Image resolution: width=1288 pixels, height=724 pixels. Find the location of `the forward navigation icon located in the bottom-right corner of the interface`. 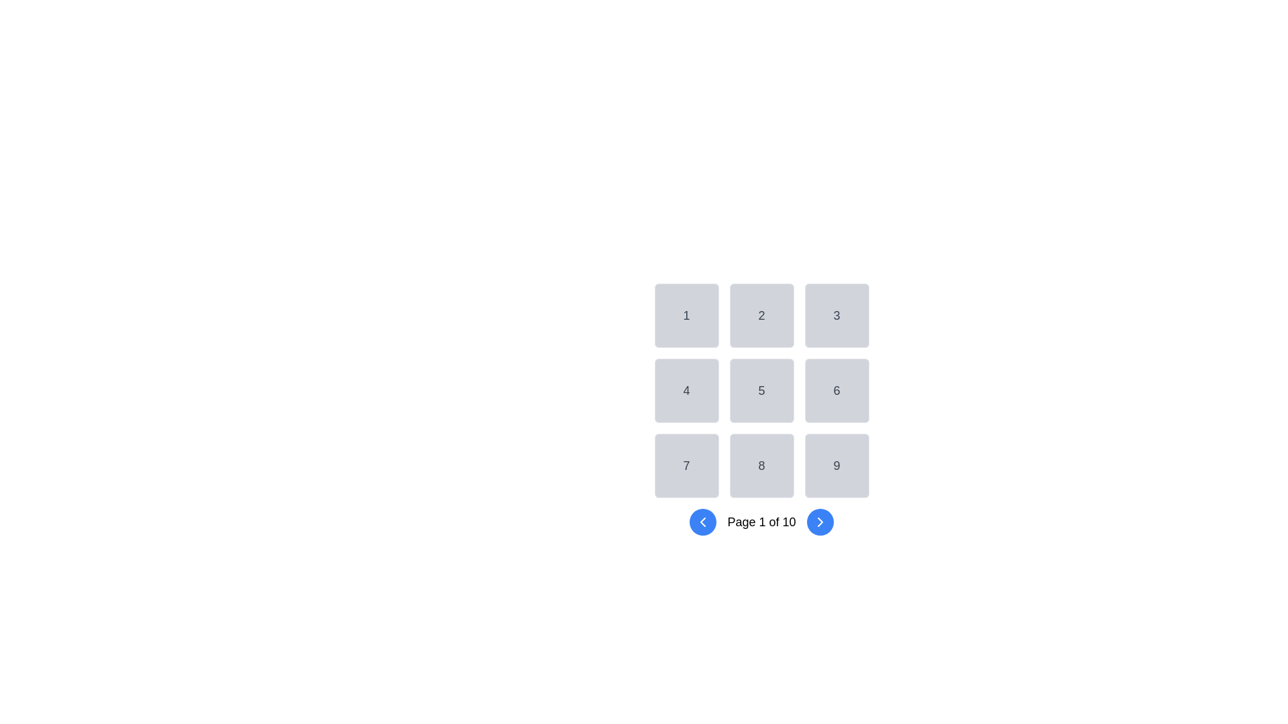

the forward navigation icon located in the bottom-right corner of the interface is located at coordinates (819, 522).